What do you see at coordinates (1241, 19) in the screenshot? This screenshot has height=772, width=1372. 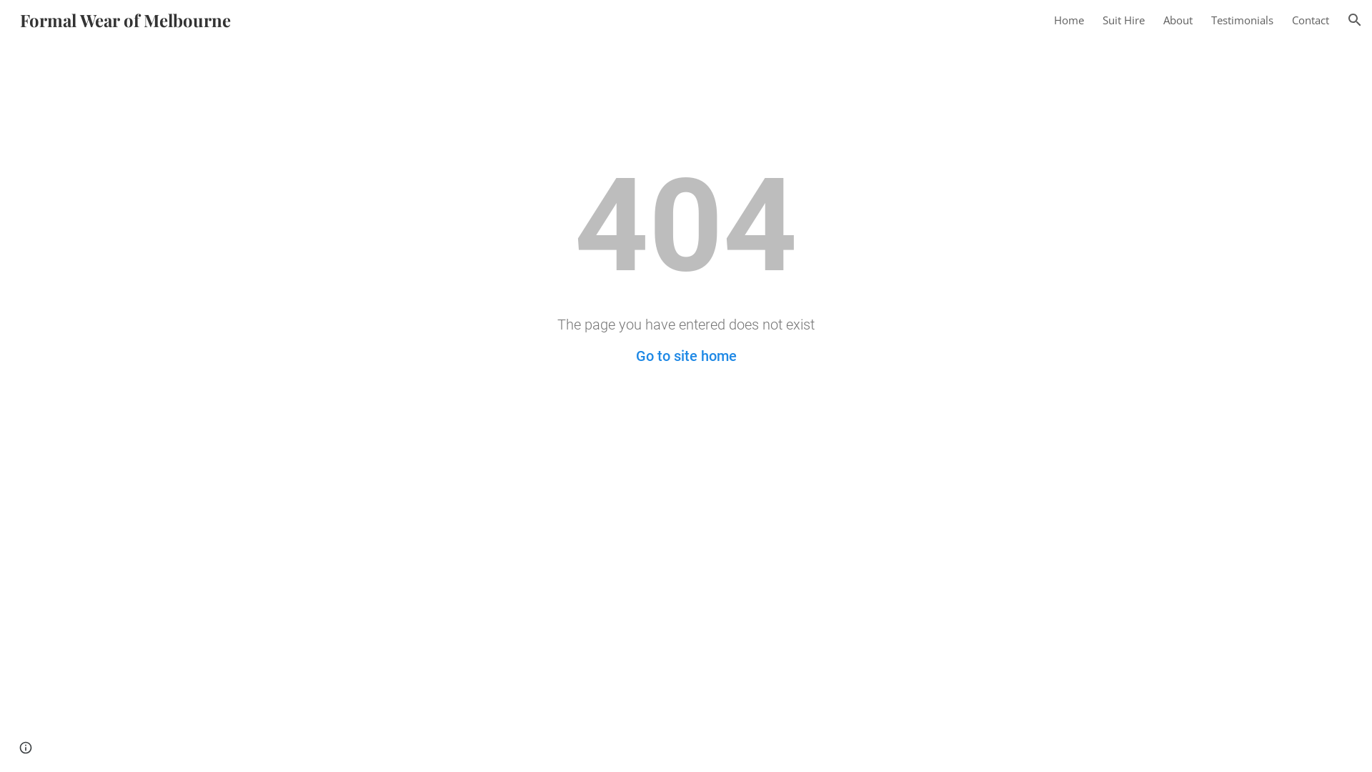 I see `'Testimonials'` at bounding box center [1241, 19].